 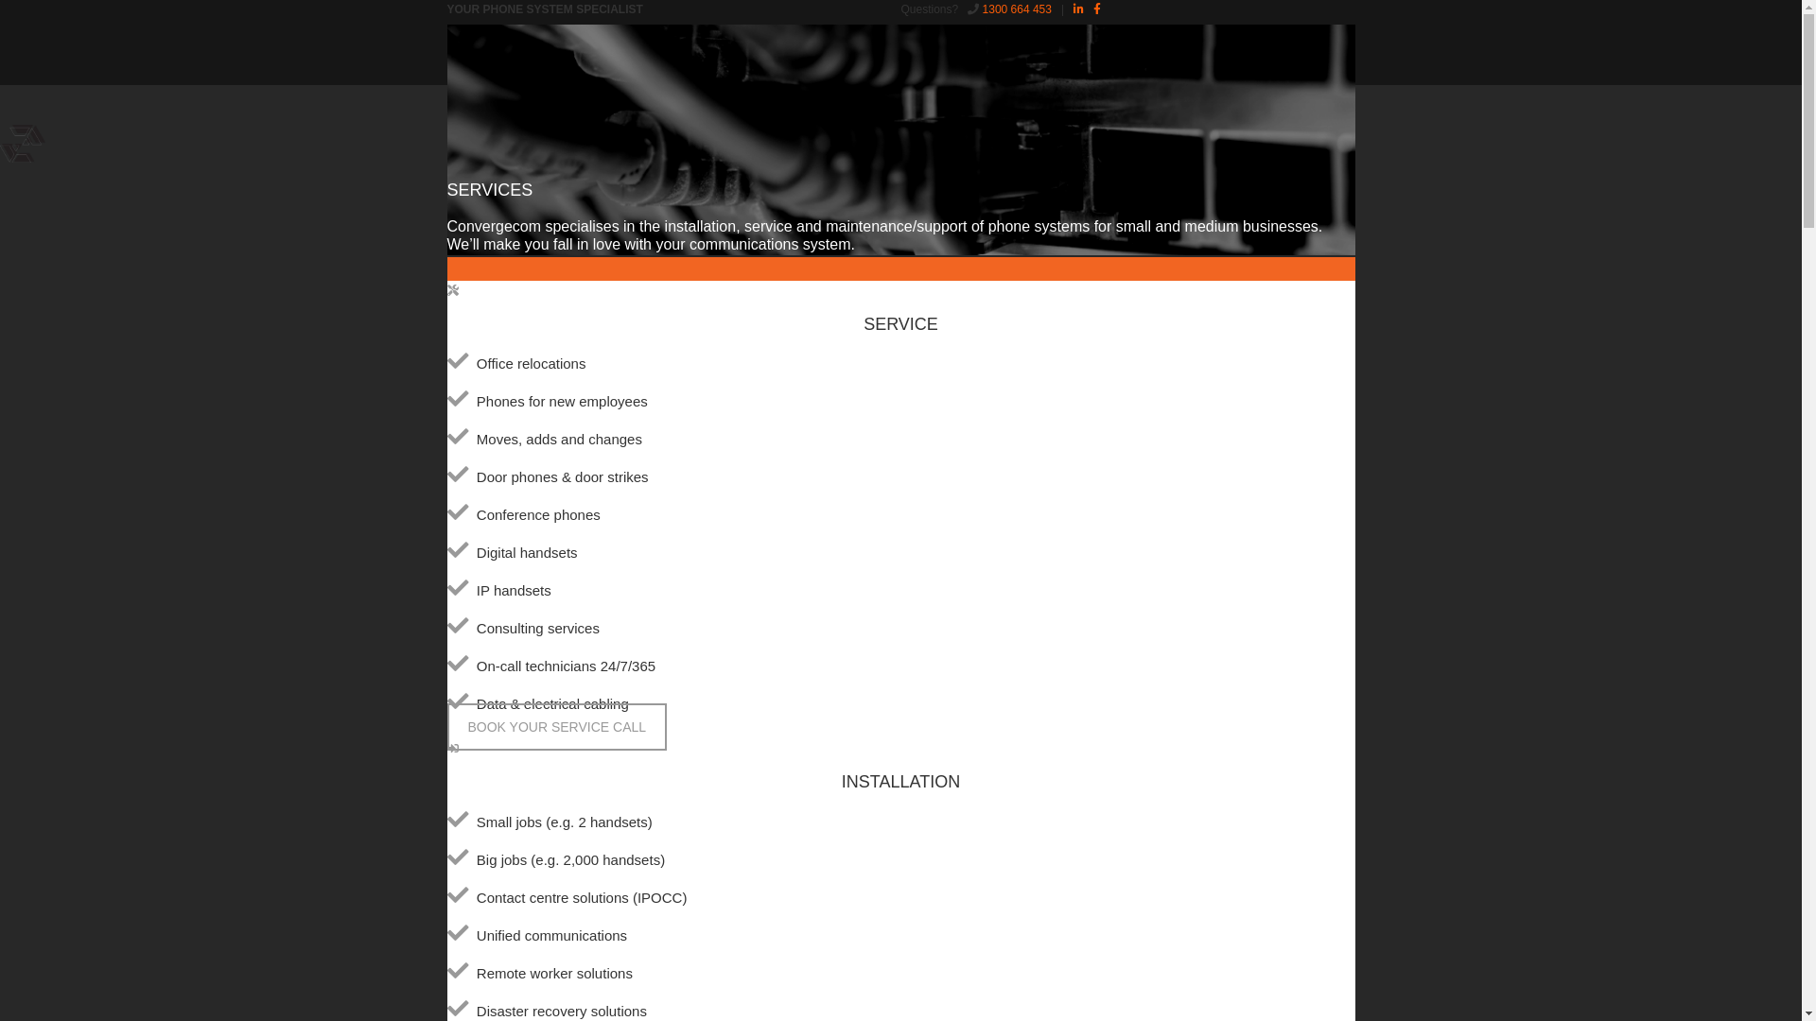 What do you see at coordinates (0, 158) in the screenshot?
I see `'CONVERGECOM'` at bounding box center [0, 158].